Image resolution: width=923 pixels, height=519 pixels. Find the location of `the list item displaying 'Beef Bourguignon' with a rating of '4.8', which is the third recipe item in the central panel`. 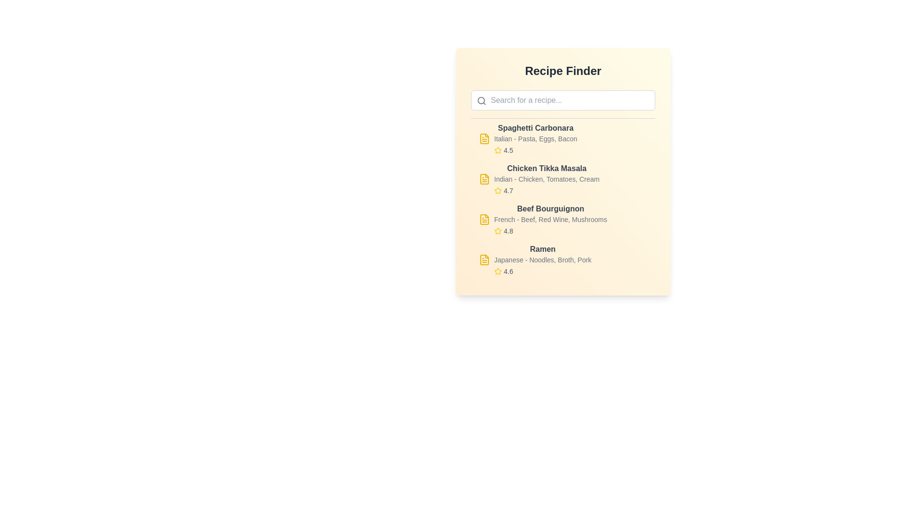

the list item displaying 'Beef Bourguignon' with a rating of '4.8', which is the third recipe item in the central panel is located at coordinates (563, 219).